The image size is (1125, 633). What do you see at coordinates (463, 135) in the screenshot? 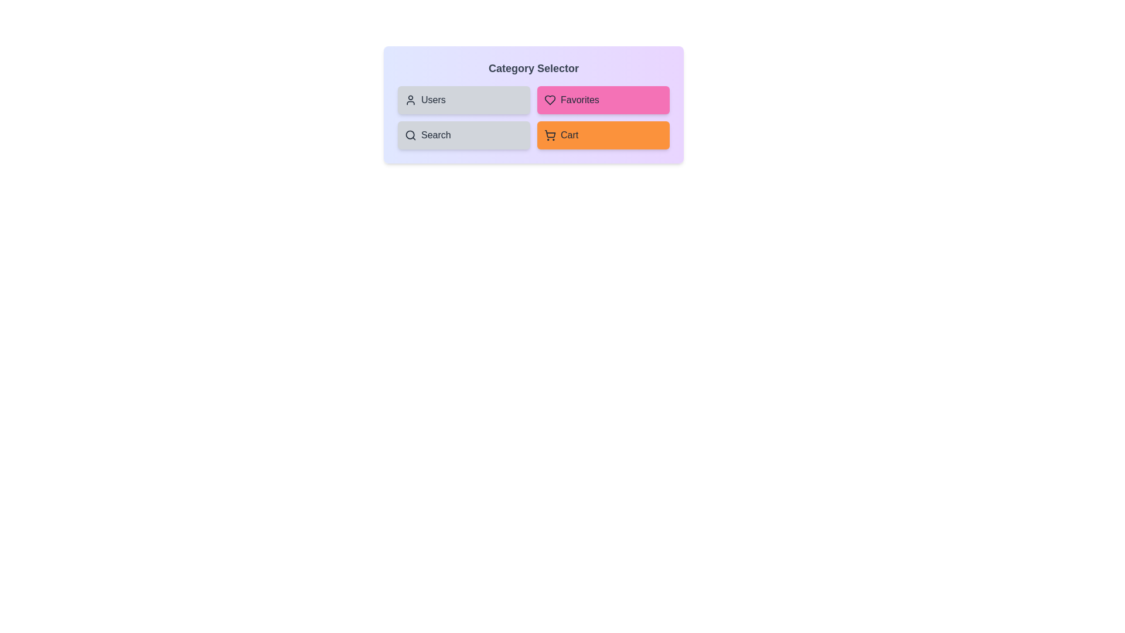
I see `the 'Search' button to toggle its selection state` at bounding box center [463, 135].